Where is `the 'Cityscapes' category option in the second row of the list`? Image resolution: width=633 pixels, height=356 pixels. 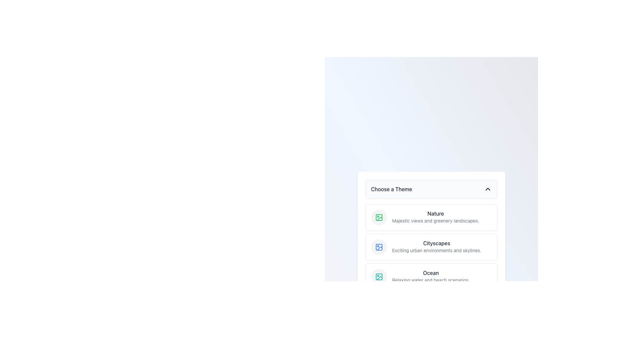 the 'Cityscapes' category option in the second row of the list is located at coordinates (437, 247).